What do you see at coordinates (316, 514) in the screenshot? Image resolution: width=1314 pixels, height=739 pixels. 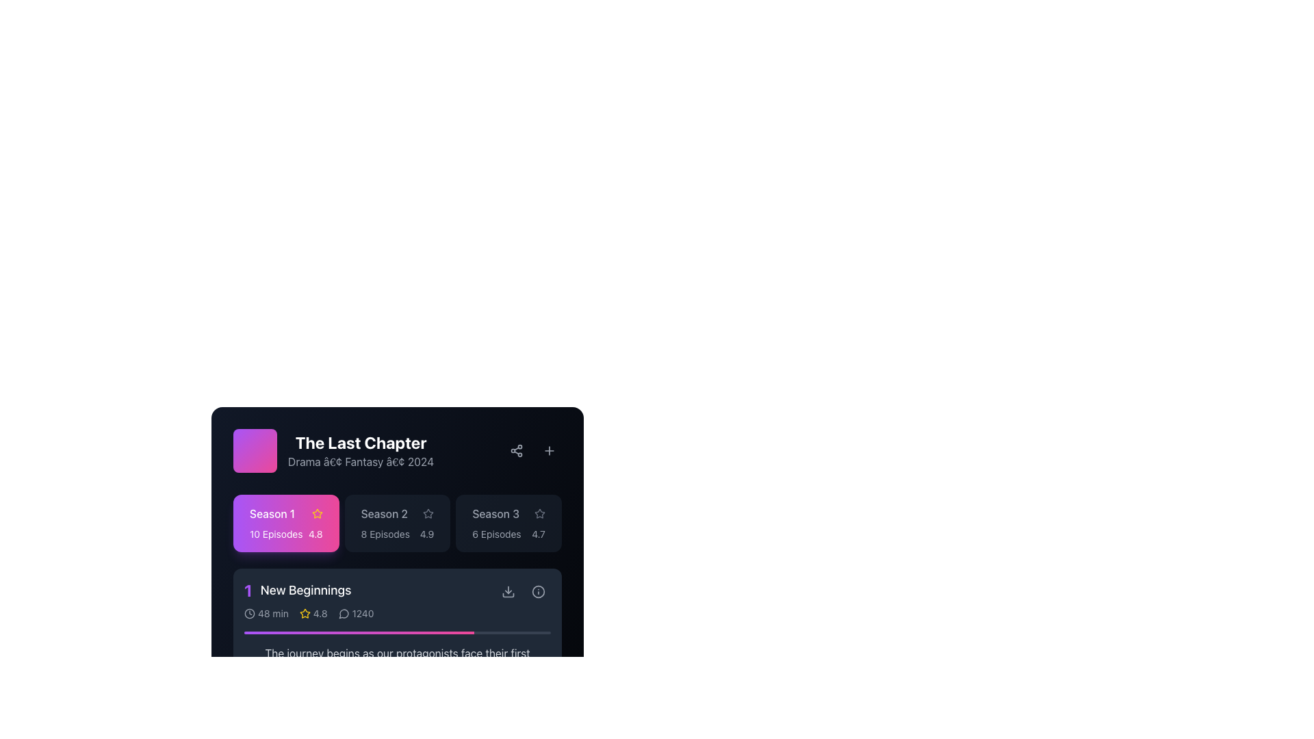 I see `the star icon used for rating or highlighting the popularity of 'Season 1', which is located to the right of the text 'Season 1'` at bounding box center [316, 514].